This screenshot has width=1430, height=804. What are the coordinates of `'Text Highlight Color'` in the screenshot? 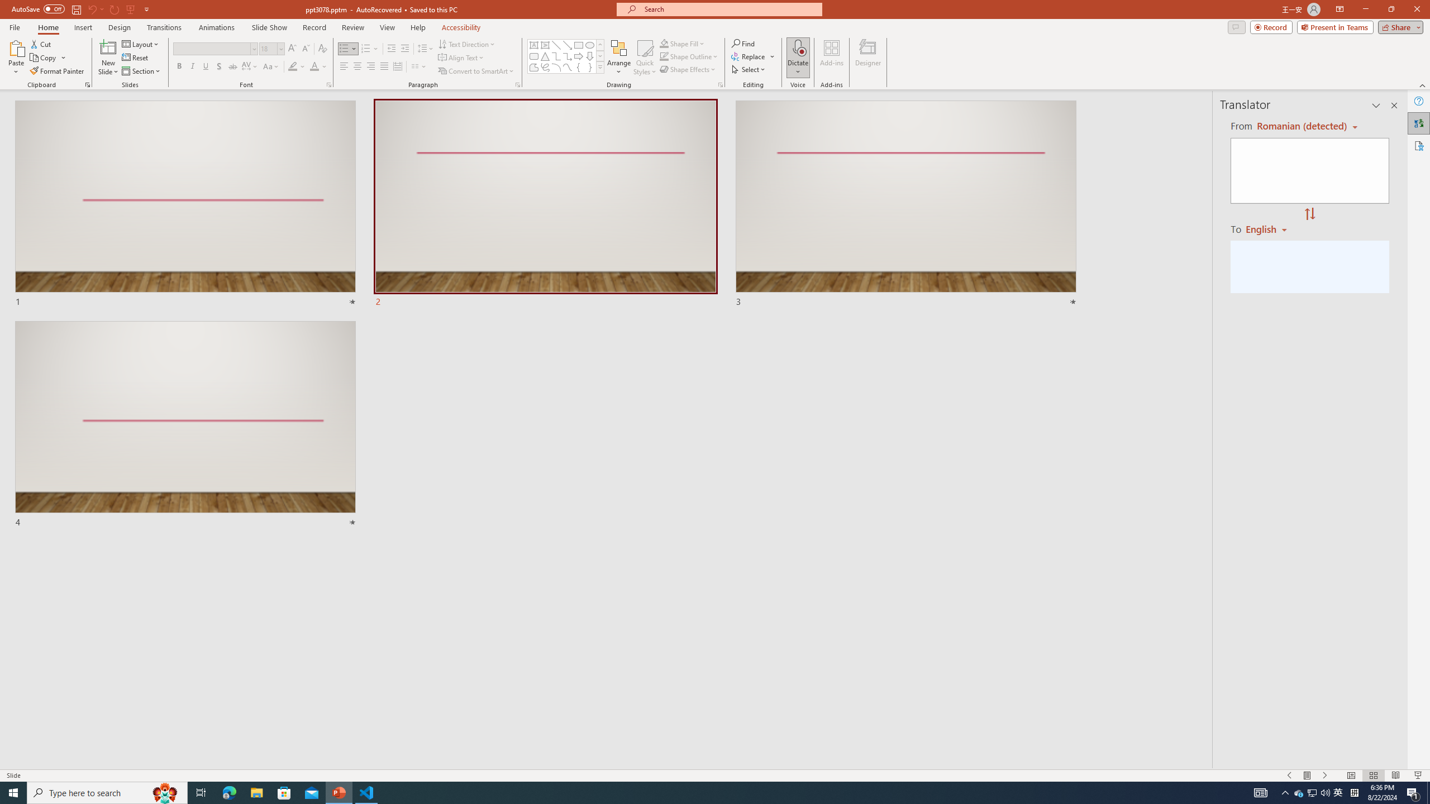 It's located at (296, 66).